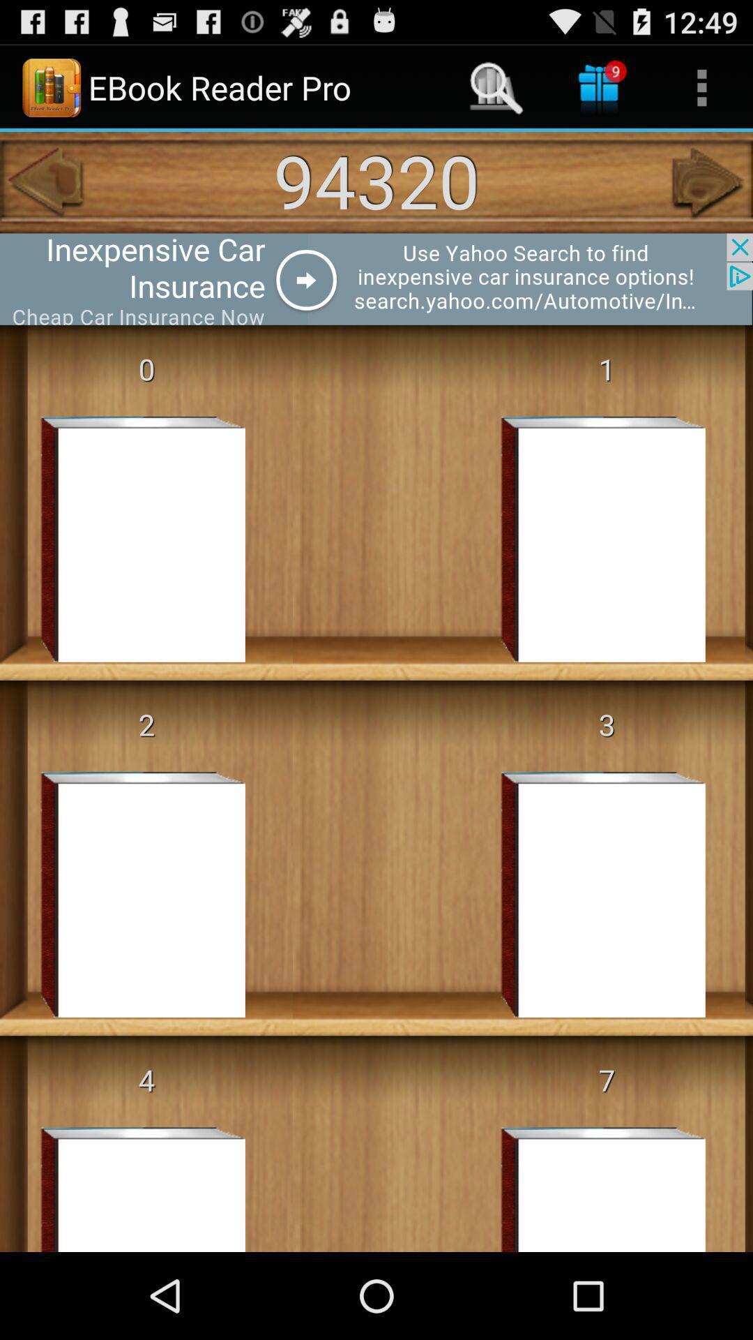  What do you see at coordinates (709, 195) in the screenshot?
I see `the arrow_forward icon` at bounding box center [709, 195].